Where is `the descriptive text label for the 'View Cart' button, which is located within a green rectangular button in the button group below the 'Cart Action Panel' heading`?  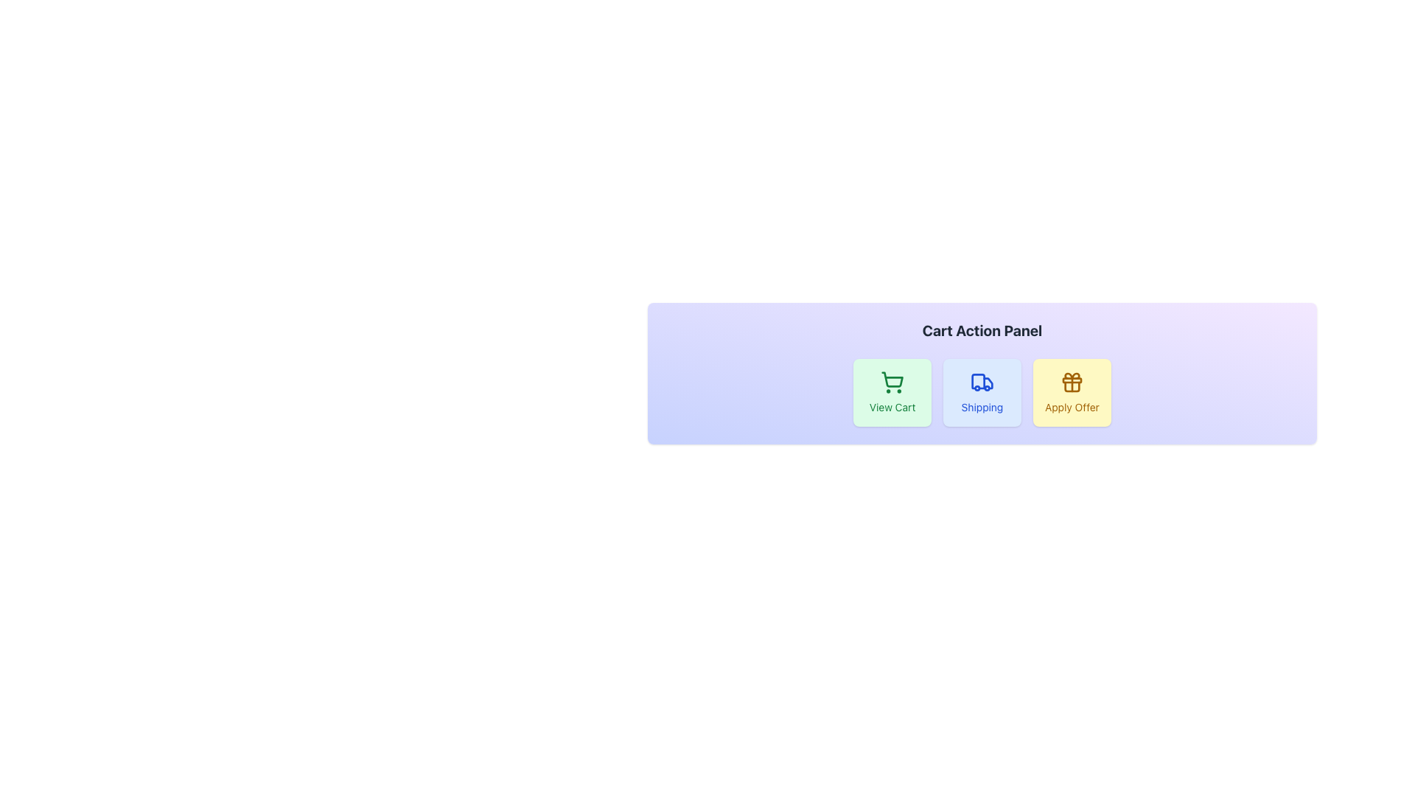
the descriptive text label for the 'View Cart' button, which is located within a green rectangular button in the button group below the 'Cart Action Panel' heading is located at coordinates (892, 407).